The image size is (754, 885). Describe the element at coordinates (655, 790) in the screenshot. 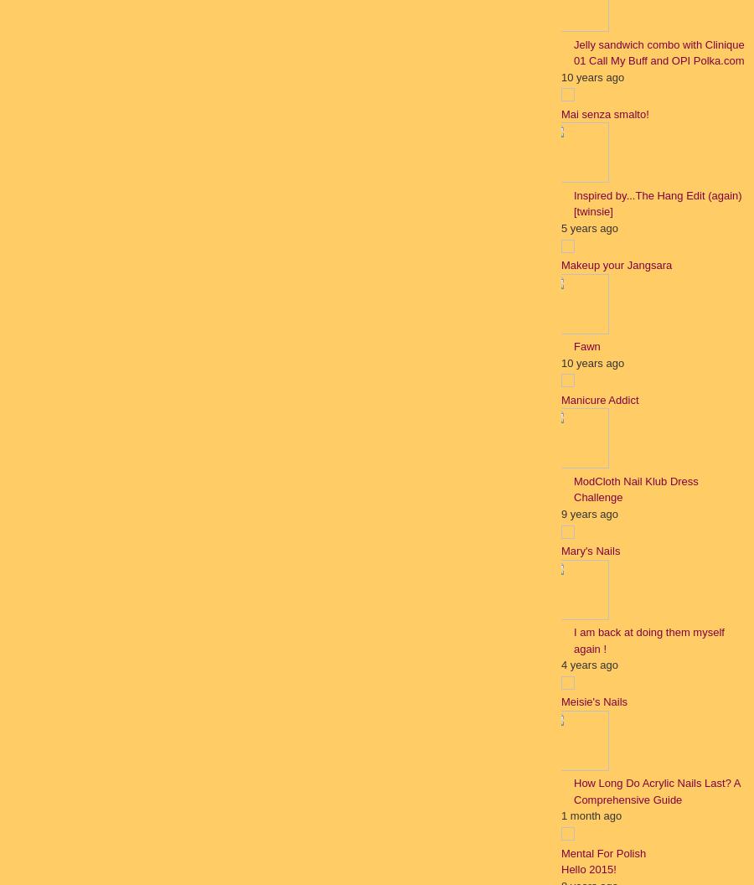

I see `'How Long Do Acrylic Nails Last? A Comprehensive Guide'` at that location.